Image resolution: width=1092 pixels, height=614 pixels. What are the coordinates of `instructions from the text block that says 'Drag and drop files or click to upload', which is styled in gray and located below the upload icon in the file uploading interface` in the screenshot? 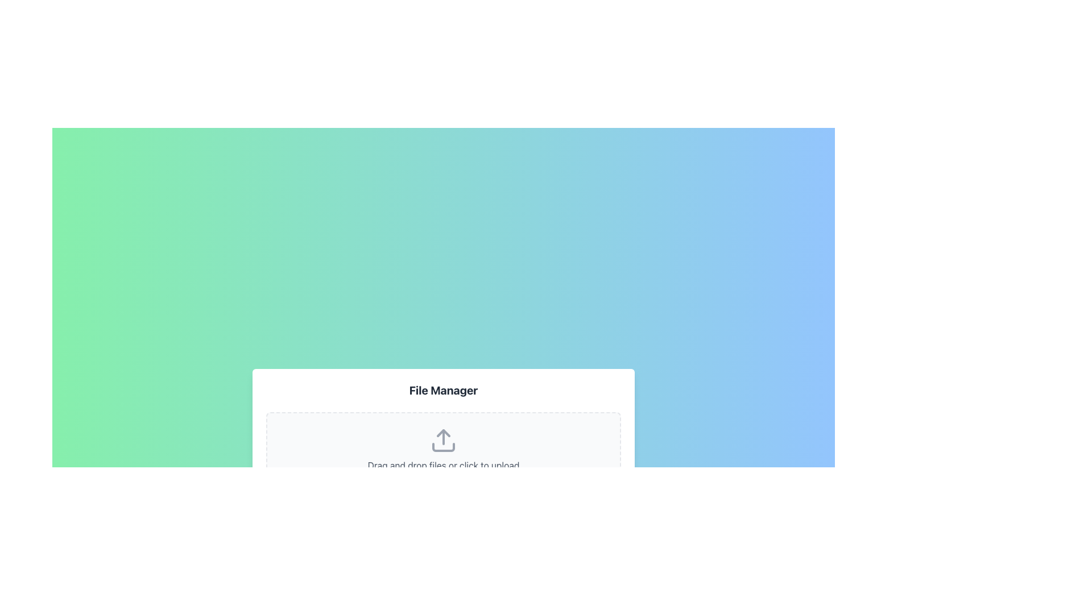 It's located at (442, 465).